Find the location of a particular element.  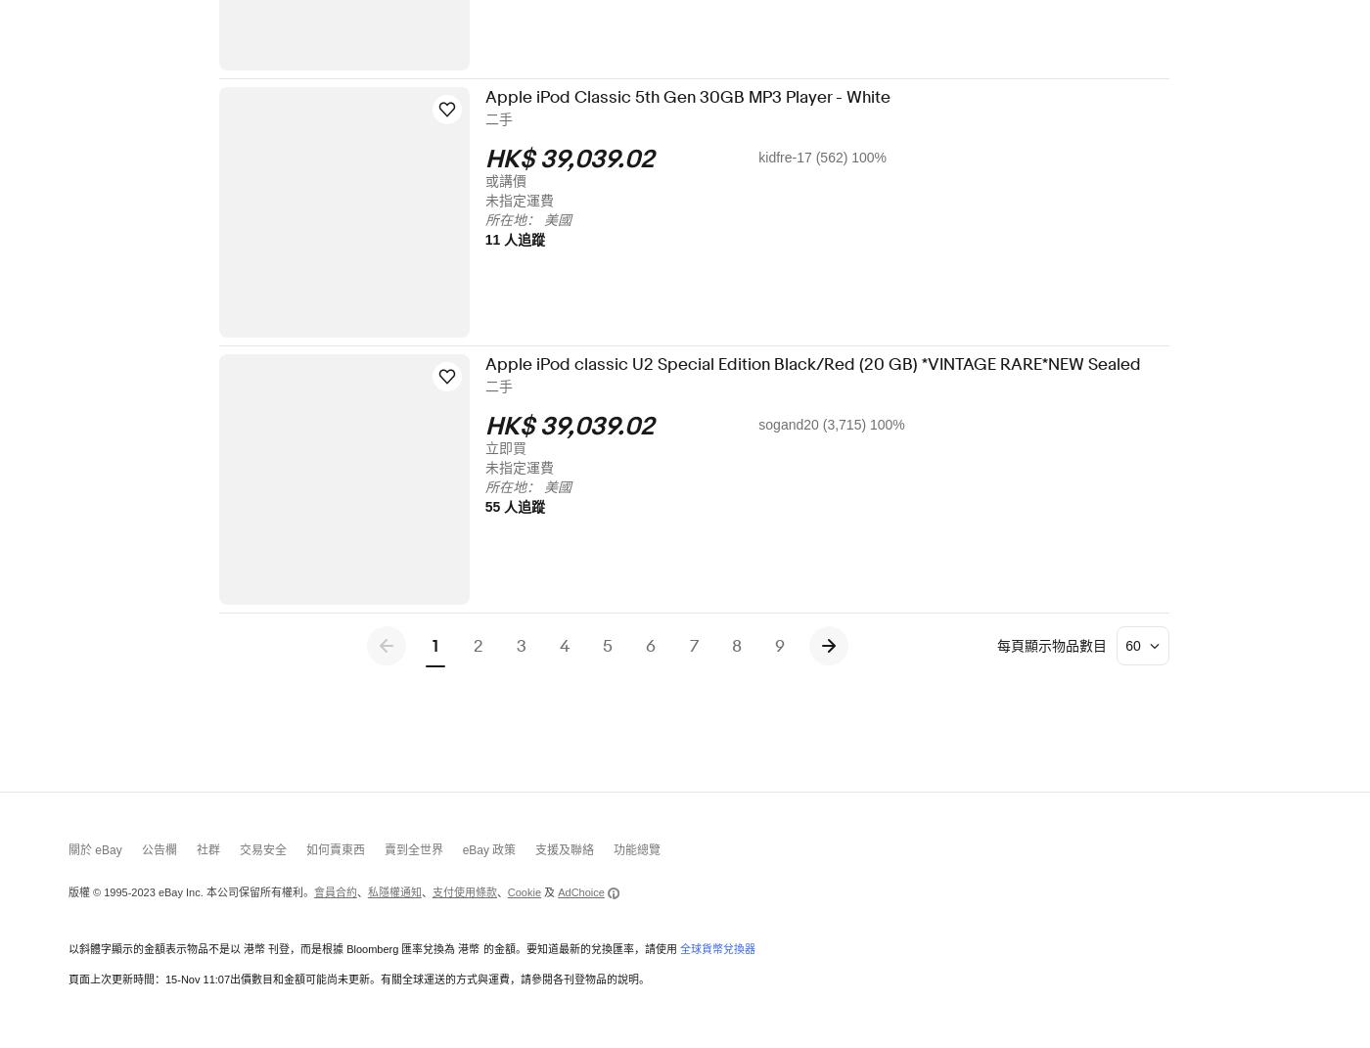

'頁面上次更新時間：15-Nov 11:07出價數目和金額可能尚未更新。有關全球運送的方式與運費，請參閱各刊登物品的說明。' is located at coordinates (358, 979).